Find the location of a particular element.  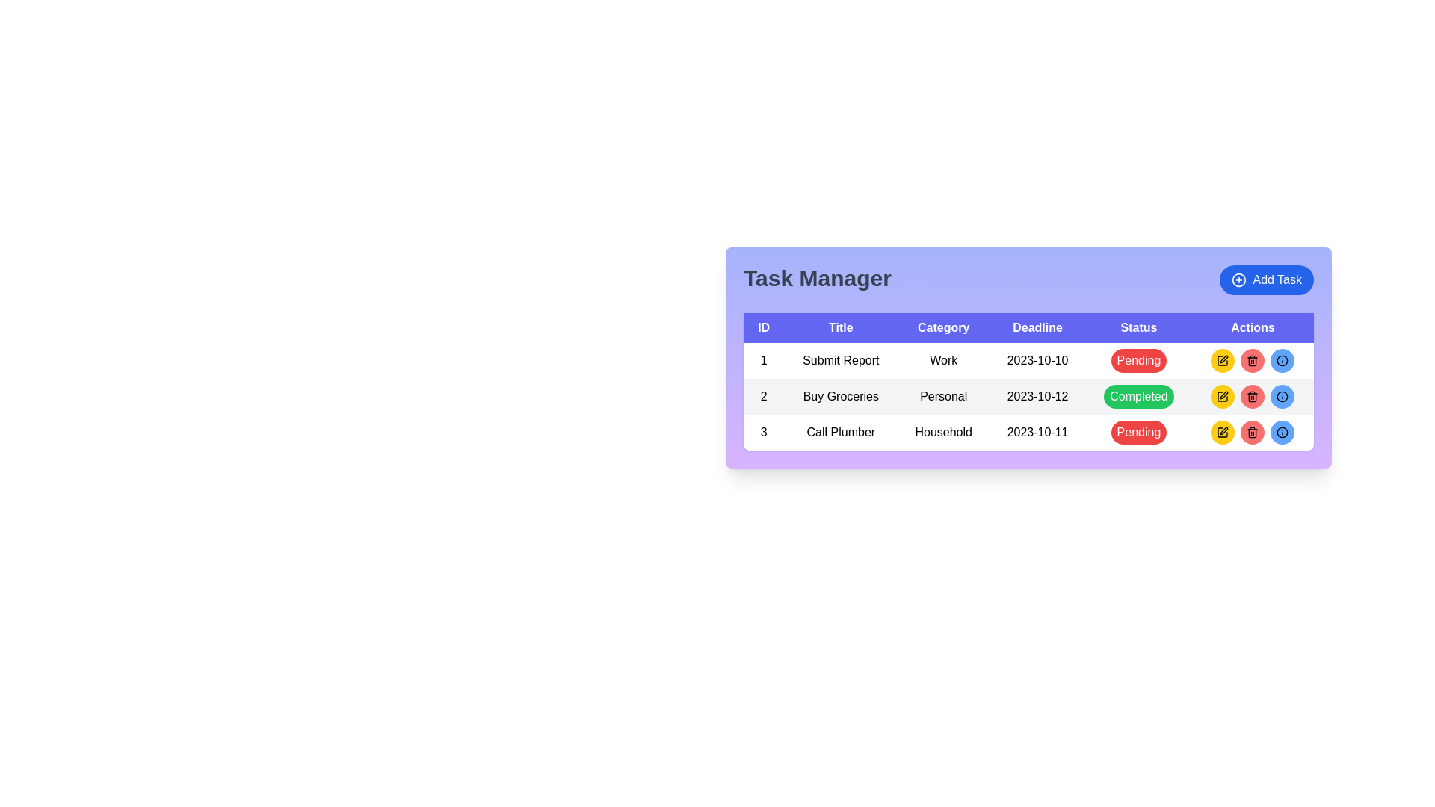

the deadline date text in the first row of the table located in the 'Deadline' column, which is the fourth cell in that row is located at coordinates (1037, 360).